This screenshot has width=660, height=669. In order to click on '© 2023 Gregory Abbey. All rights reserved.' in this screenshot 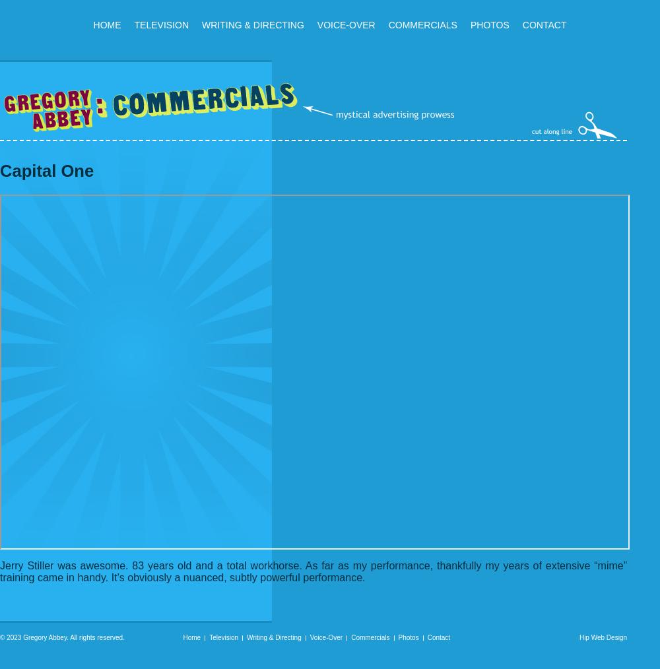, I will do `click(61, 637)`.